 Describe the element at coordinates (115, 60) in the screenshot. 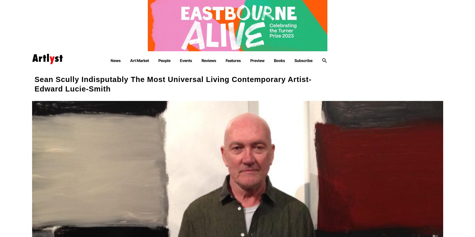

I see `'News'` at that location.